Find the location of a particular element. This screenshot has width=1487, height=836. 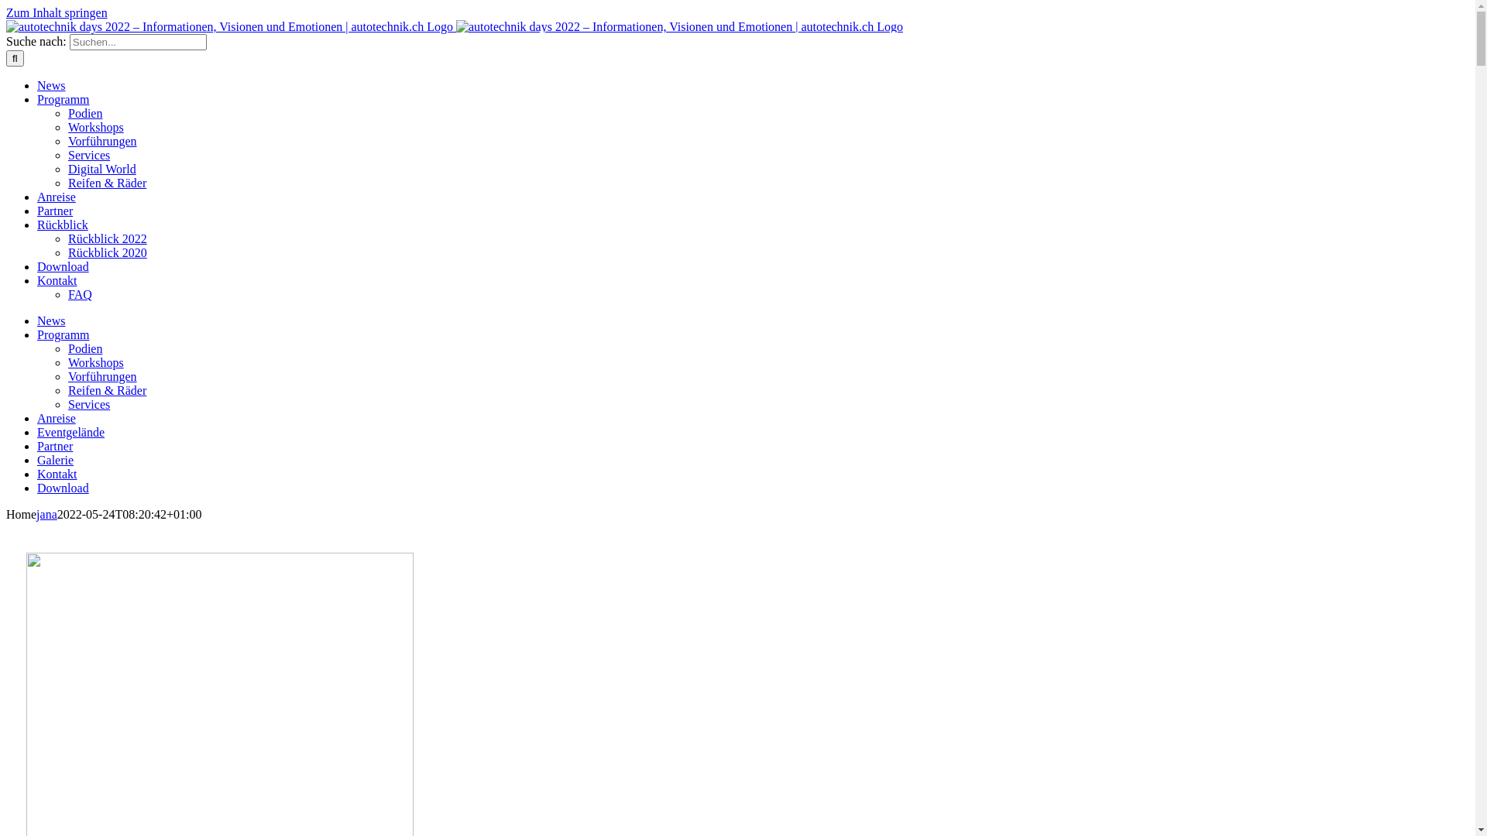

'Kontakt' is located at coordinates (57, 473).